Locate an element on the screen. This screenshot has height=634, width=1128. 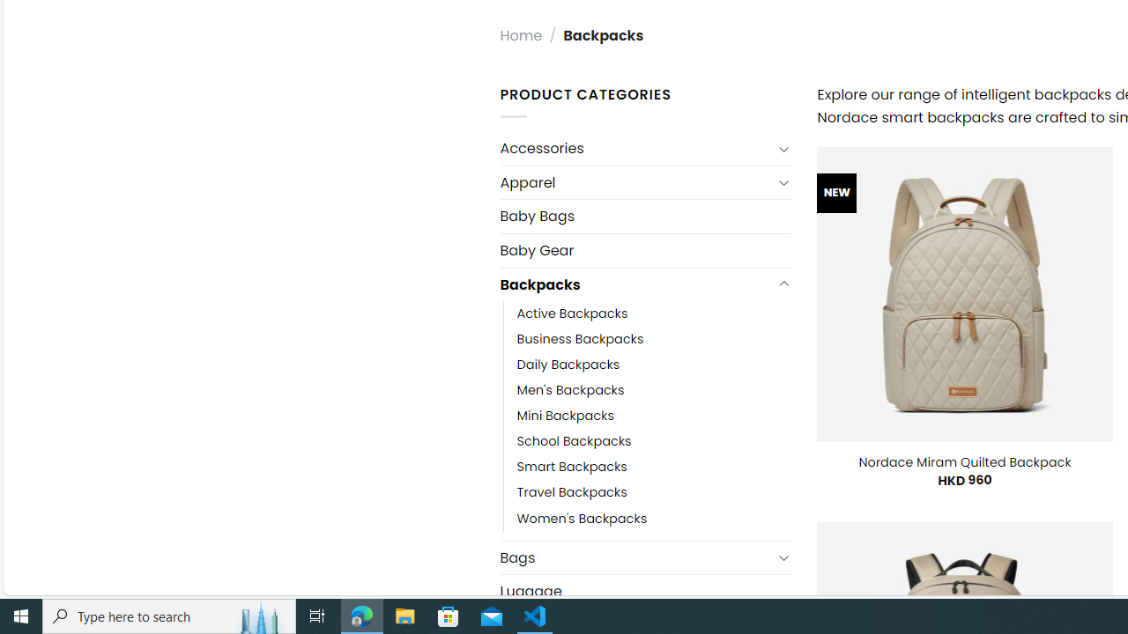
'Accessories' is located at coordinates (634, 147).